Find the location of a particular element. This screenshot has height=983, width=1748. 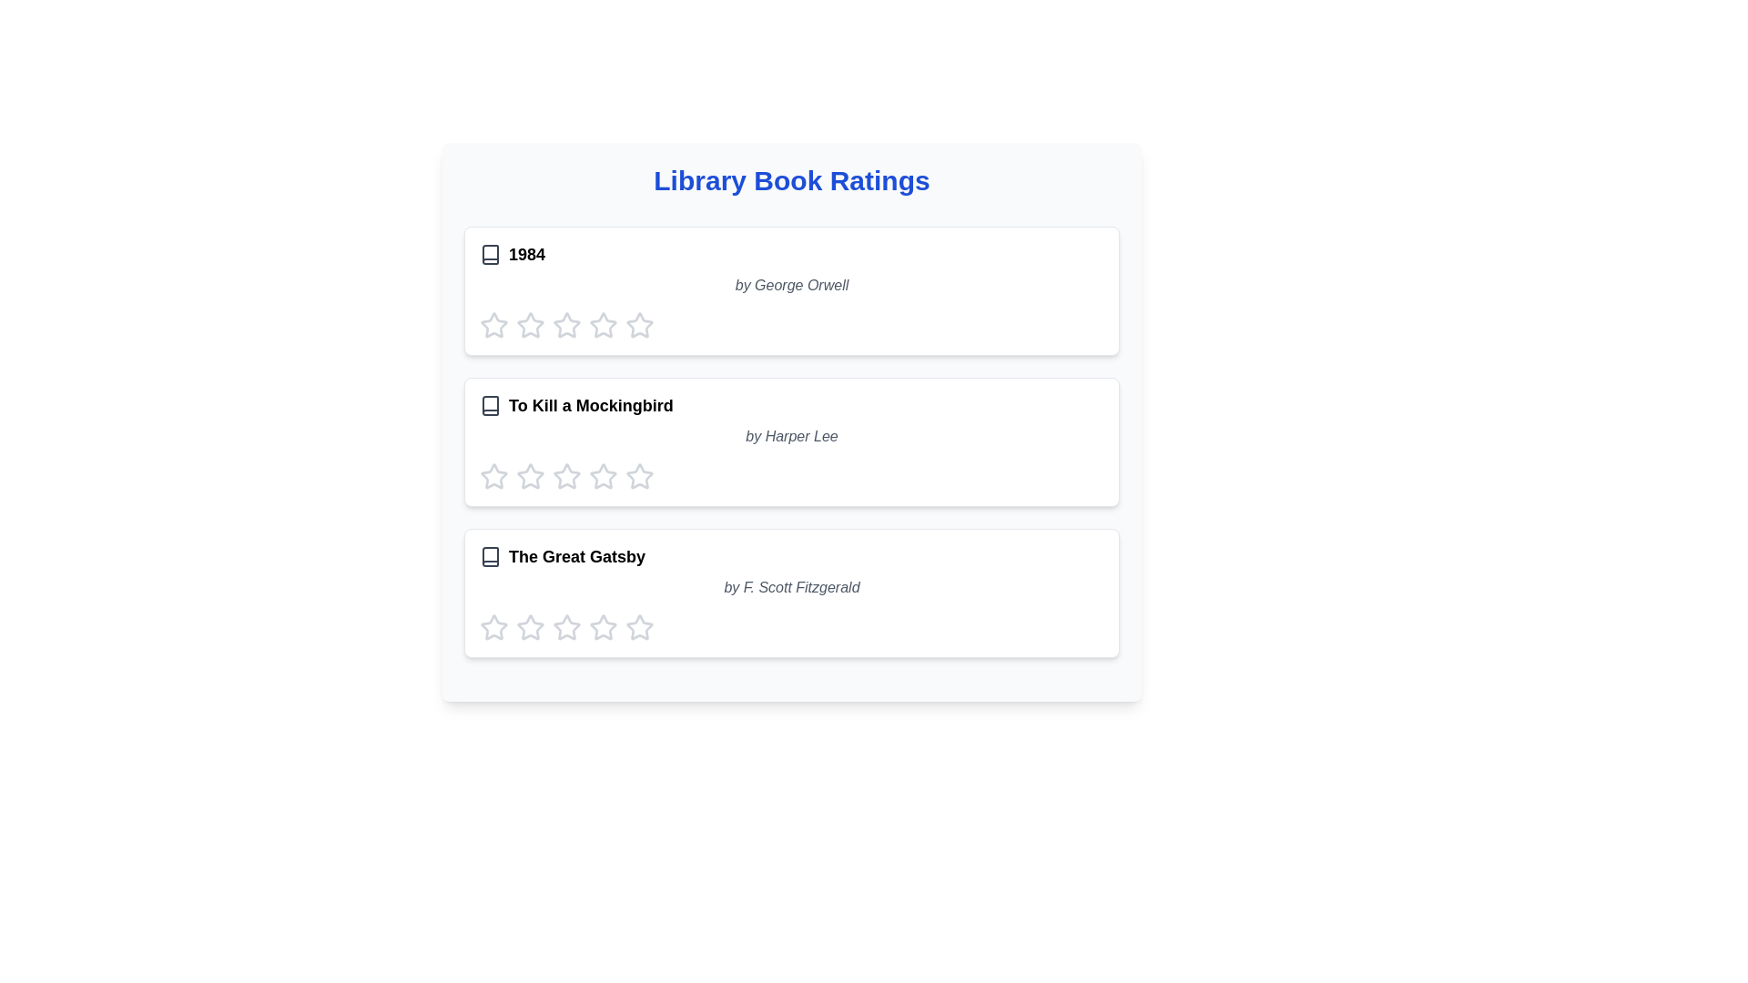

the interactive rating card for the book 'The Great Gatsby', which is the third card in a vertically stacked list of book entries is located at coordinates (791, 593).